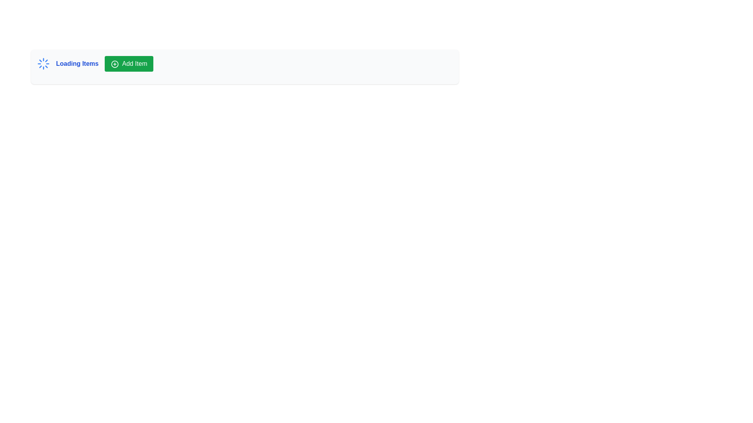 This screenshot has width=753, height=423. What do you see at coordinates (115, 63) in the screenshot?
I see `the green 'Add Item' button's plus icon, which is represented by a circular outline with a vertical and horizontal line crossing at its center` at bounding box center [115, 63].